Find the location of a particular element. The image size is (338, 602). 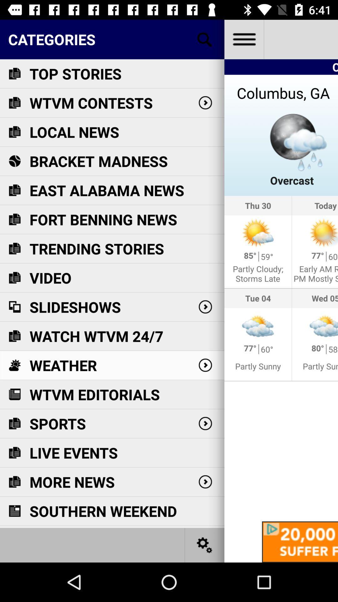

the settings icon is located at coordinates (205, 545).